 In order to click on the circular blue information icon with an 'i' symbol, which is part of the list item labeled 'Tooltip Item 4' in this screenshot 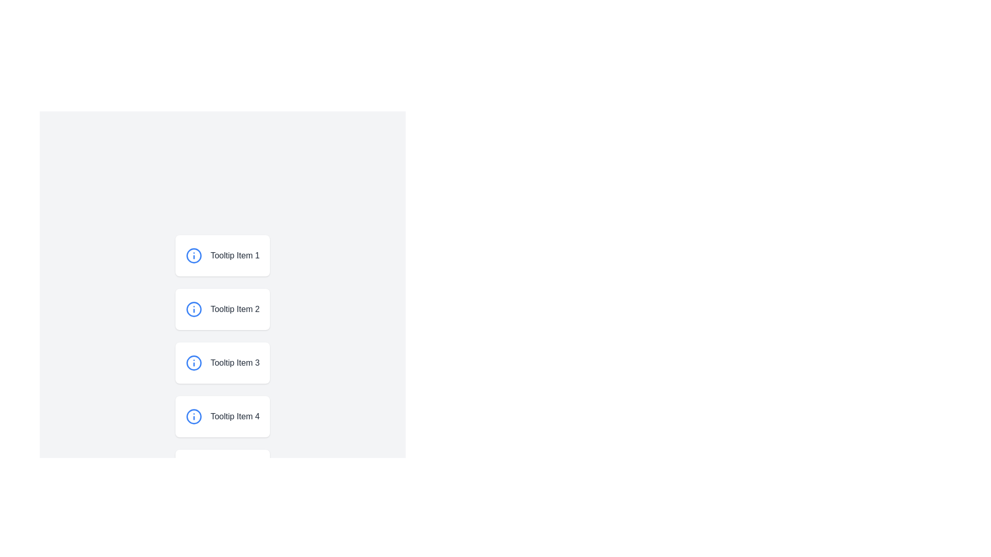, I will do `click(194, 416)`.